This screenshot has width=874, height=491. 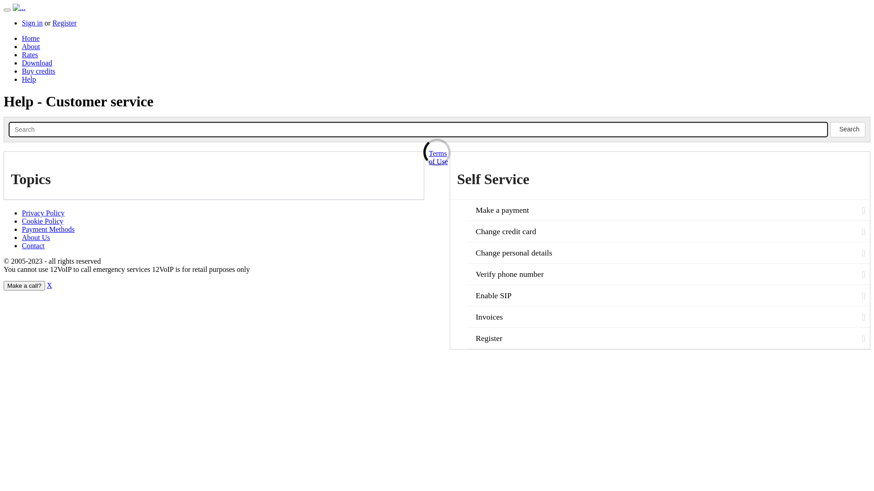 What do you see at coordinates (24, 285) in the screenshot?
I see `'Make a call?'` at bounding box center [24, 285].